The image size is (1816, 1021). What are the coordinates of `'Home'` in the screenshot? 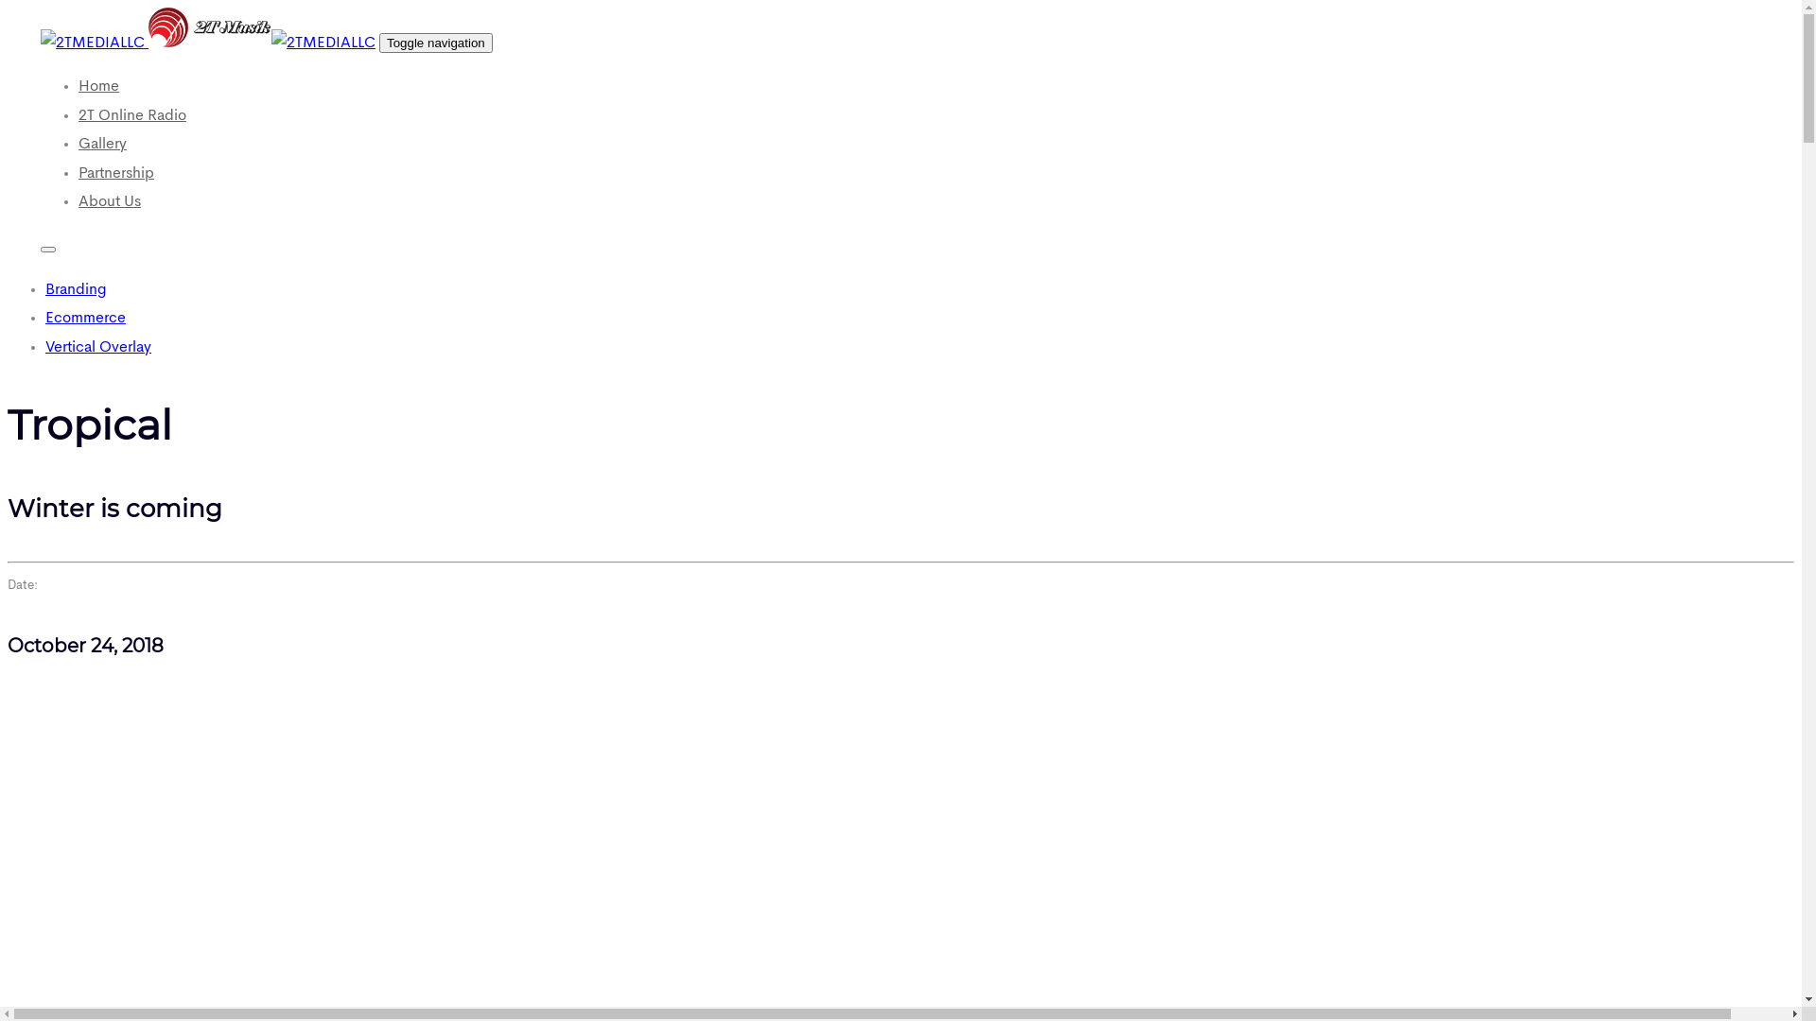 It's located at (97, 87).